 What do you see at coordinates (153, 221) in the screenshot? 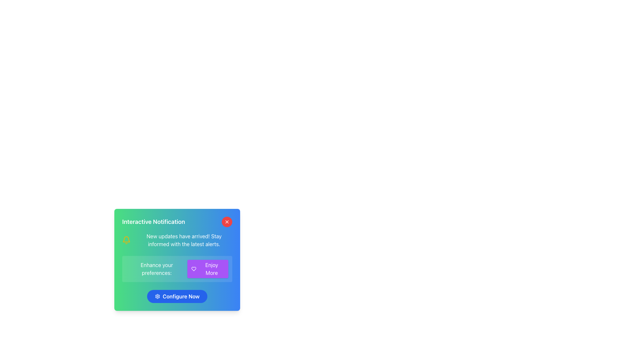
I see `the text label displaying 'Interactive Notification' in bold, large-sized font, positioned at the top-left section of the notification card` at bounding box center [153, 221].